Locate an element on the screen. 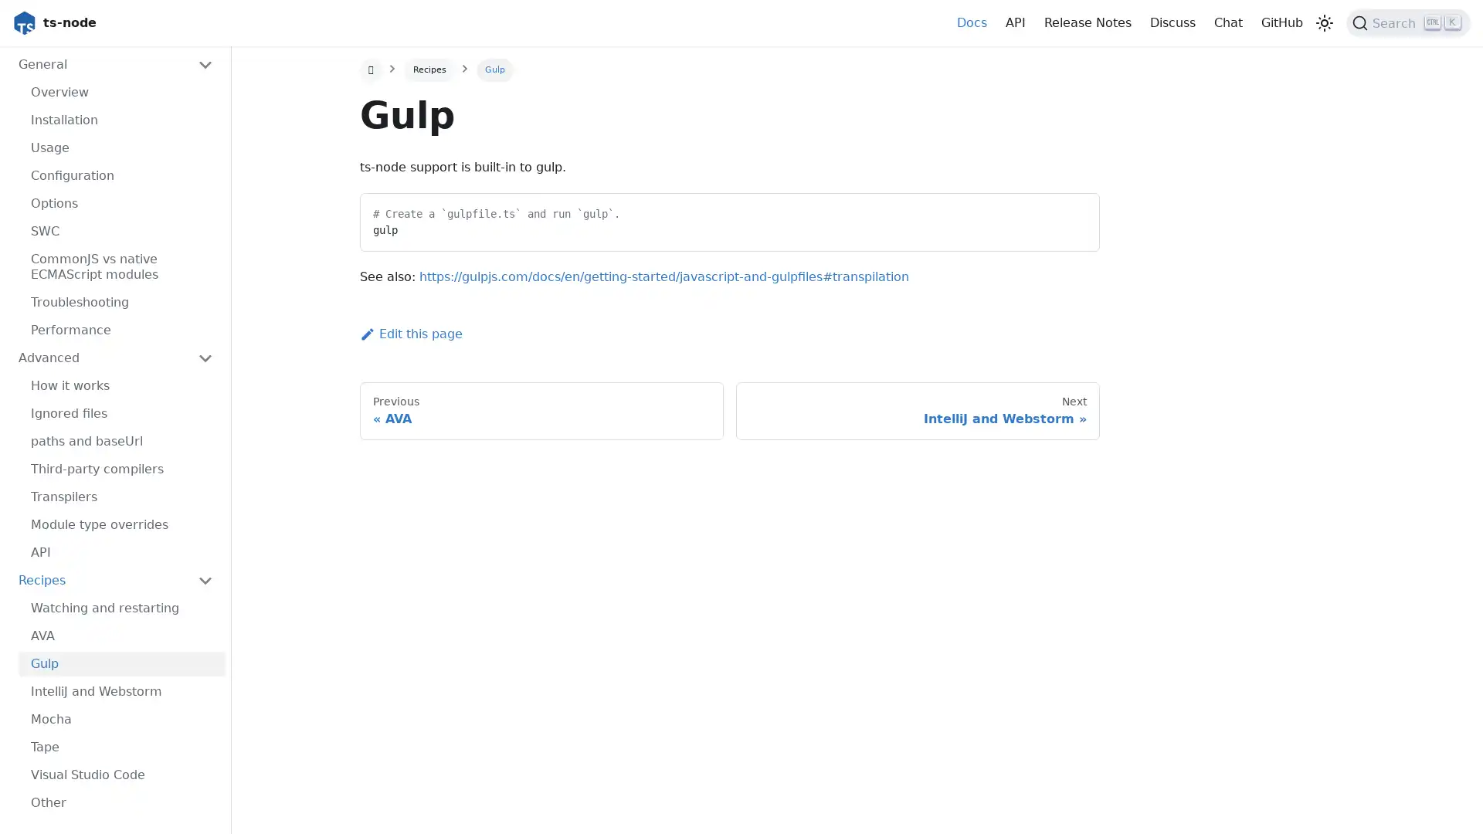 This screenshot has height=834, width=1483. Search is located at coordinates (1408, 23).